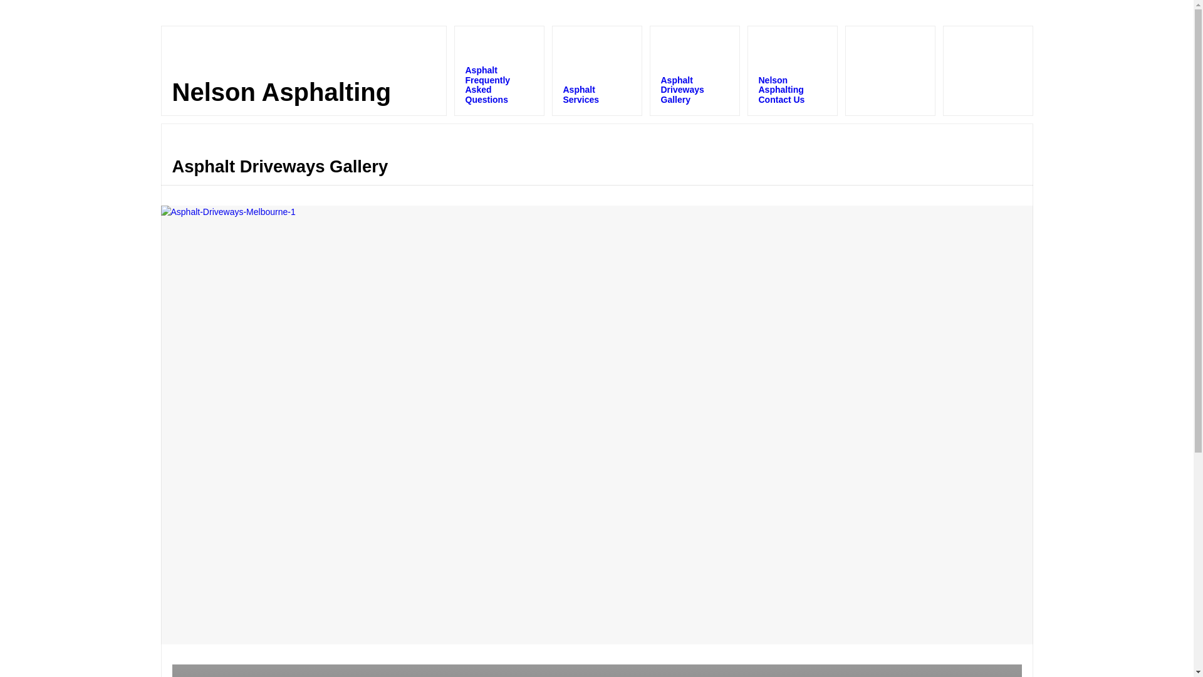 This screenshot has height=677, width=1203. I want to click on 'Nelson Asphalting Contact Us', so click(791, 70).